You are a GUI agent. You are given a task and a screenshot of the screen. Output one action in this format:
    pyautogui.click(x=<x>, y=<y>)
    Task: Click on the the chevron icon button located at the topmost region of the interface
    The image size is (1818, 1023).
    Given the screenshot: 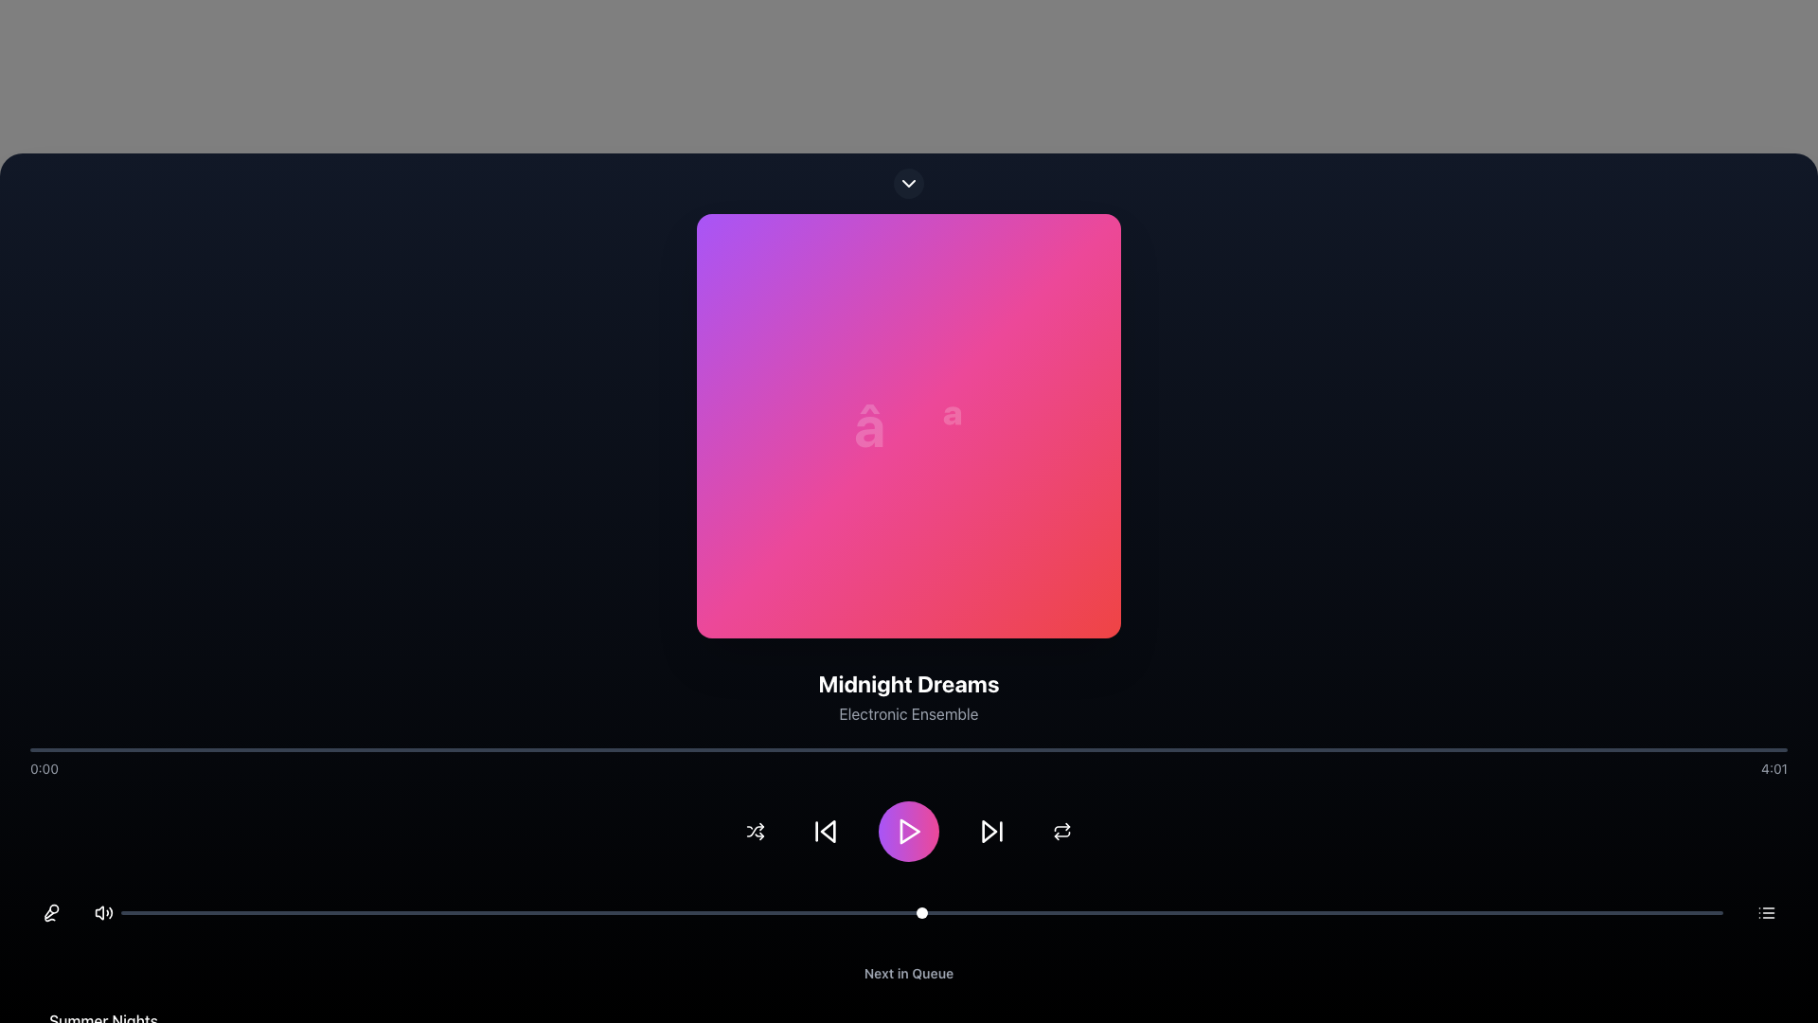 What is the action you would take?
    pyautogui.click(x=909, y=183)
    